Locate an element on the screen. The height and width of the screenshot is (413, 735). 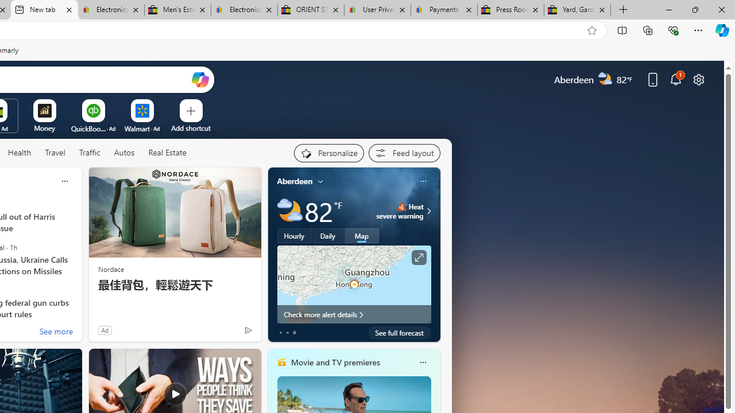
'Heat - Severe Heat severe warning' is located at coordinates (400, 211).